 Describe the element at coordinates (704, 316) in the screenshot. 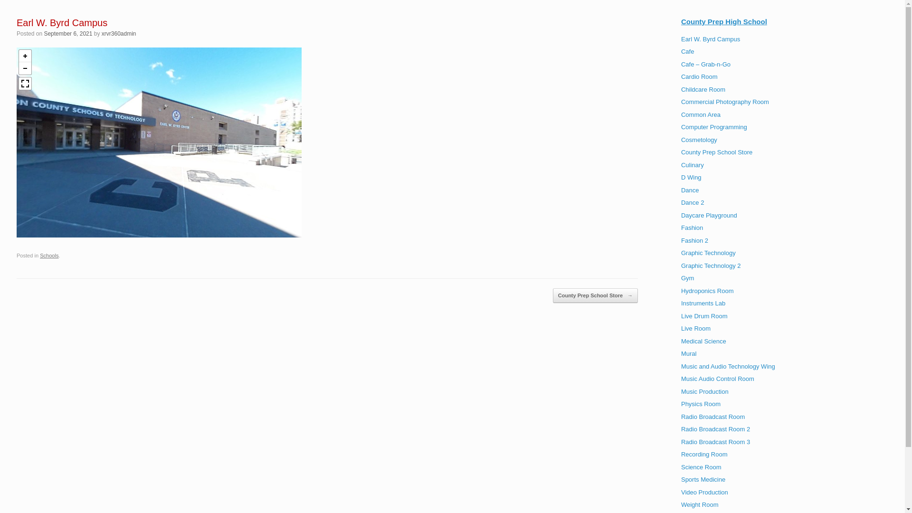

I see `'Live Drum Room'` at that location.